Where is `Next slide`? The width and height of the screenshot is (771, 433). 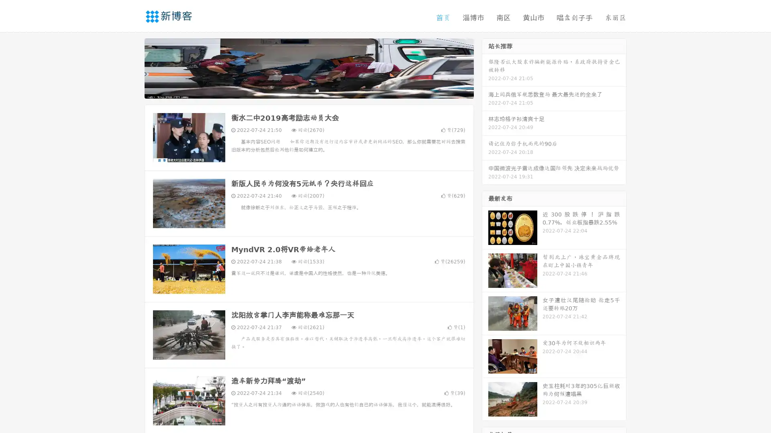
Next slide is located at coordinates (485, 67).